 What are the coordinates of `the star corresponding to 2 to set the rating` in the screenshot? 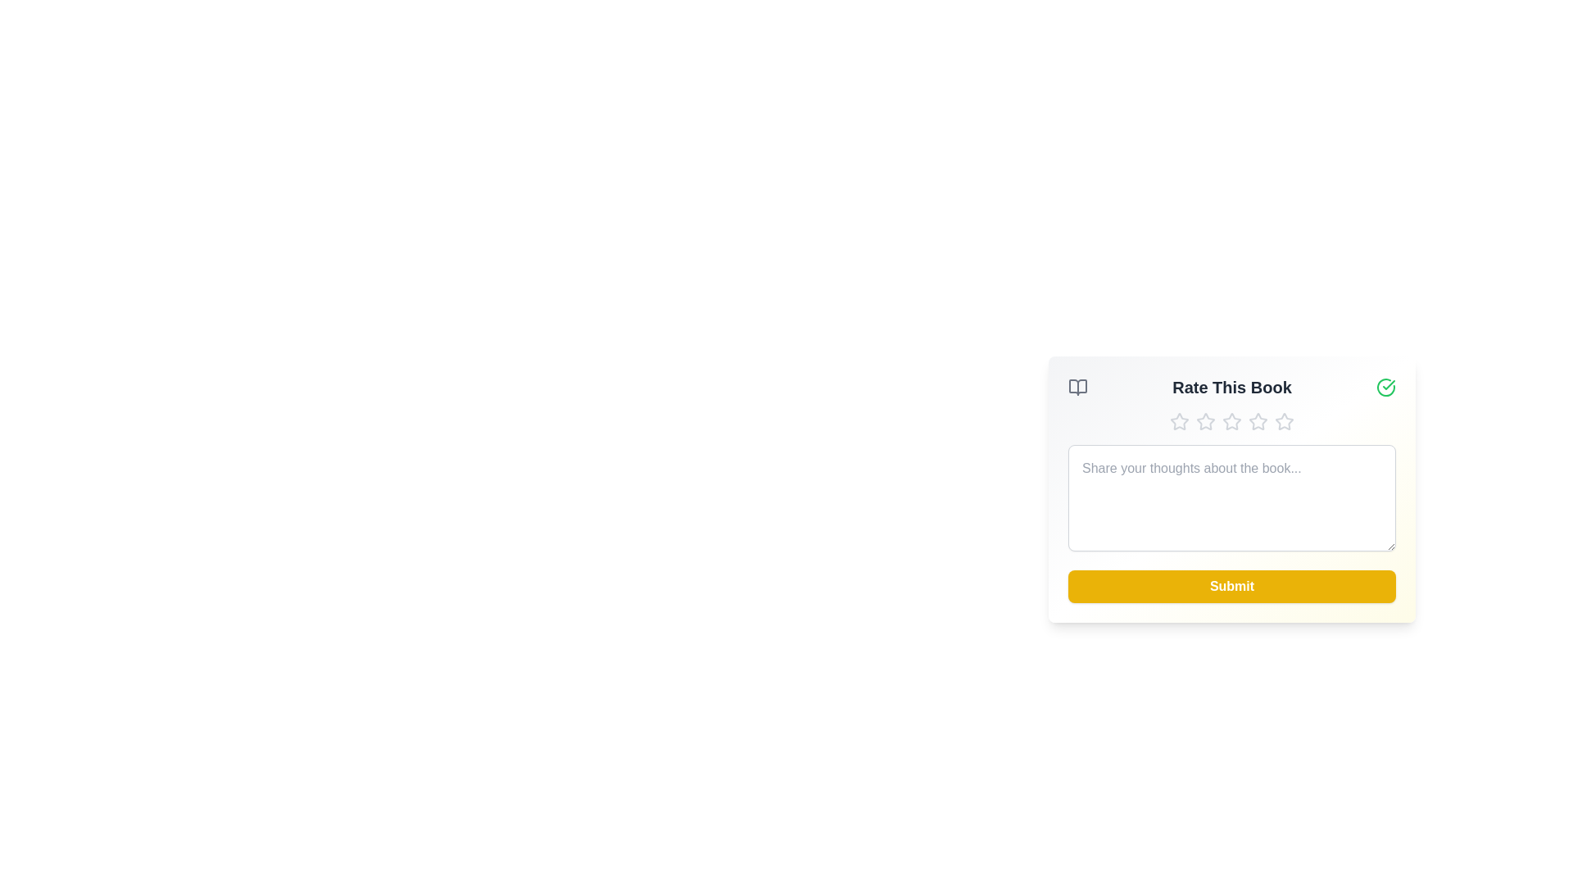 It's located at (1206, 421).